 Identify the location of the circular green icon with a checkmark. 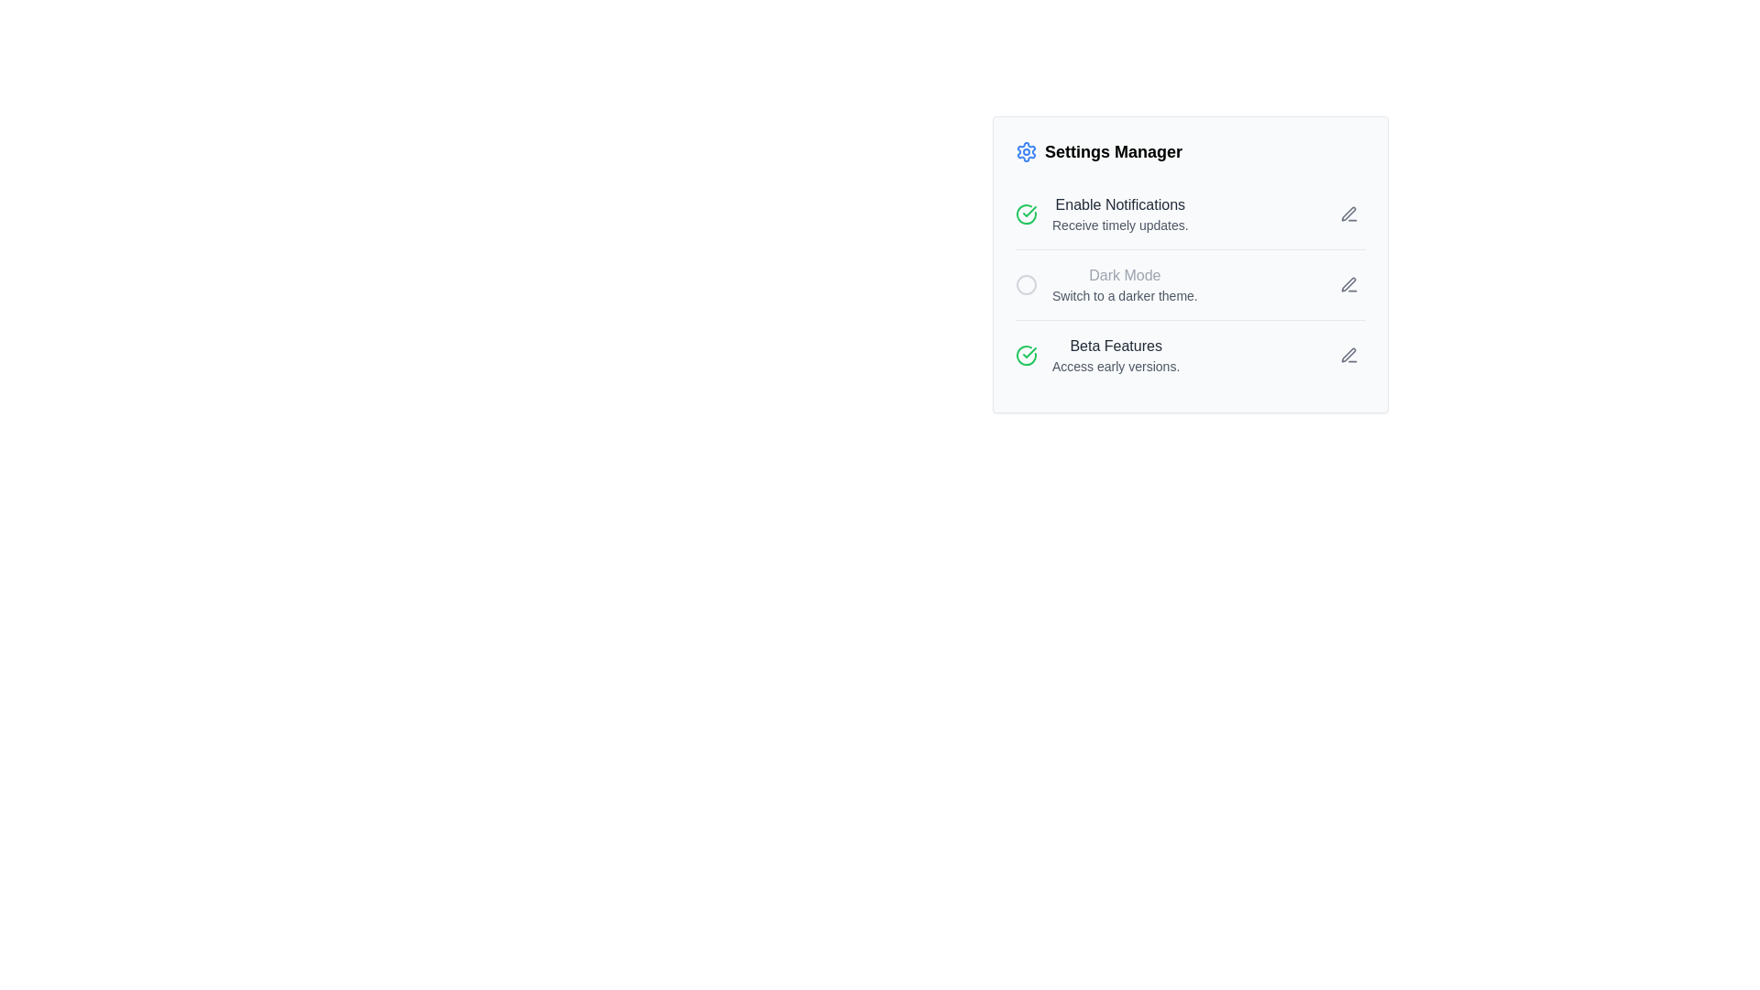
(1025, 356).